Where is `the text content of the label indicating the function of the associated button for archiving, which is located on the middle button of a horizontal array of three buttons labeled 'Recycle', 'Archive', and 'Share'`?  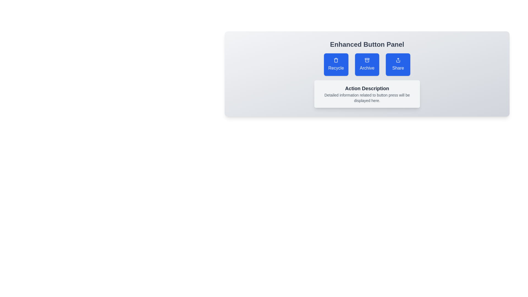
the text content of the label indicating the function of the associated button for archiving, which is located on the middle button of a horizontal array of three buttons labeled 'Recycle', 'Archive', and 'Share' is located at coordinates (367, 68).